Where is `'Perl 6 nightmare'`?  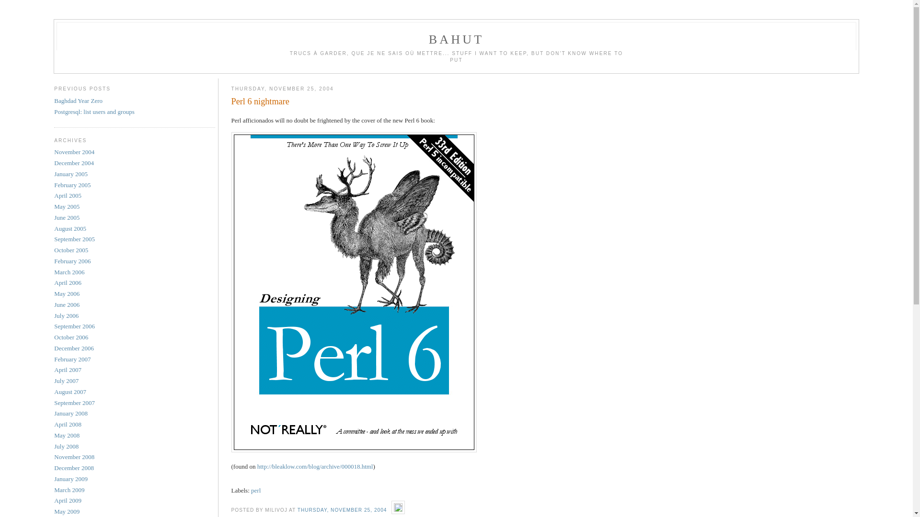
'Perl 6 nightmare' is located at coordinates (545, 101).